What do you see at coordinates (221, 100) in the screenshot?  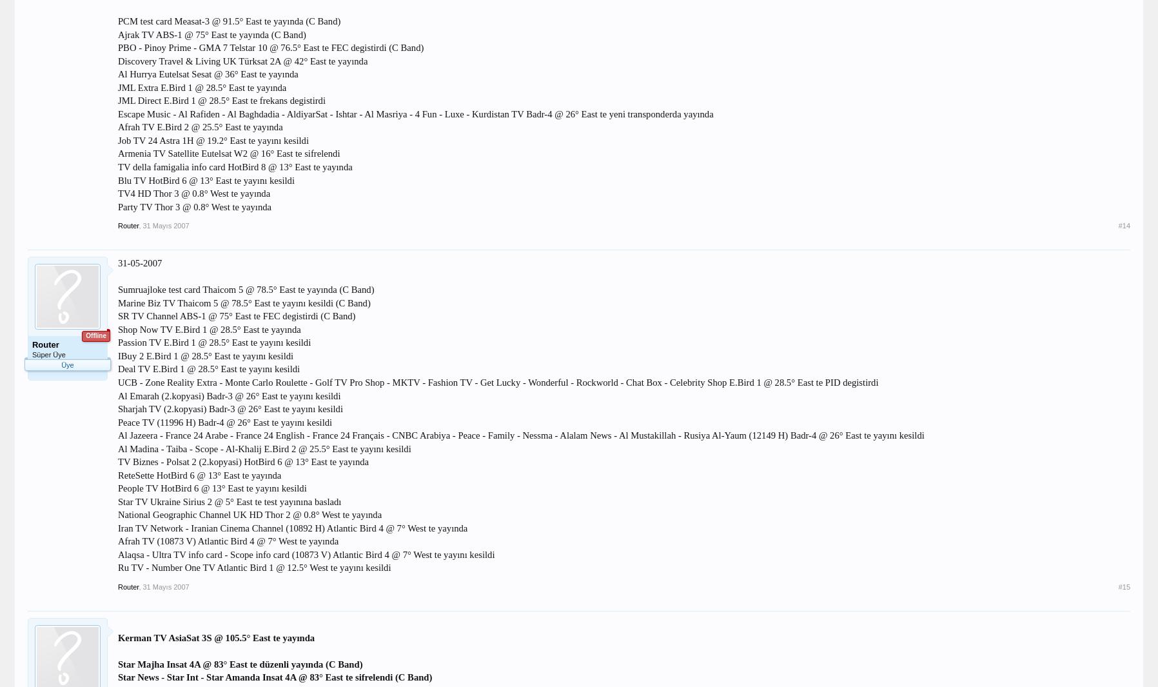 I see `'JML Direct E.Bird 1 @ 28.5° East te frekans degistirdi'` at bounding box center [221, 100].